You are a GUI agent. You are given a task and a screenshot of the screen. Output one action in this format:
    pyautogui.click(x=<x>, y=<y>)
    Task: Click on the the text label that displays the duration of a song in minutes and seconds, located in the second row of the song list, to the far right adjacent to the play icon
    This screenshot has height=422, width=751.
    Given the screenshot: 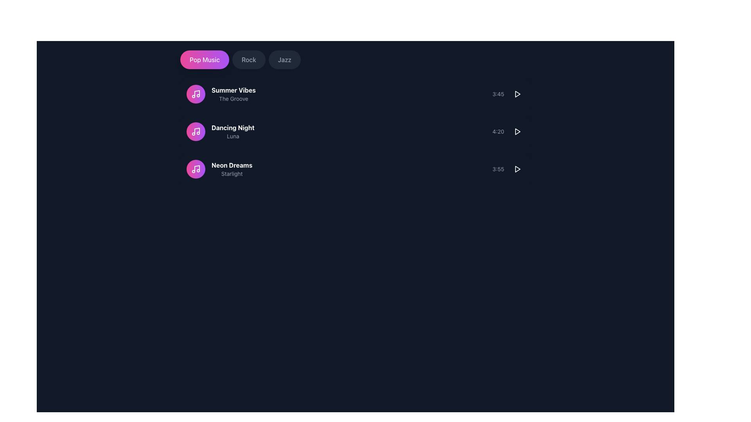 What is the action you would take?
    pyautogui.click(x=498, y=131)
    